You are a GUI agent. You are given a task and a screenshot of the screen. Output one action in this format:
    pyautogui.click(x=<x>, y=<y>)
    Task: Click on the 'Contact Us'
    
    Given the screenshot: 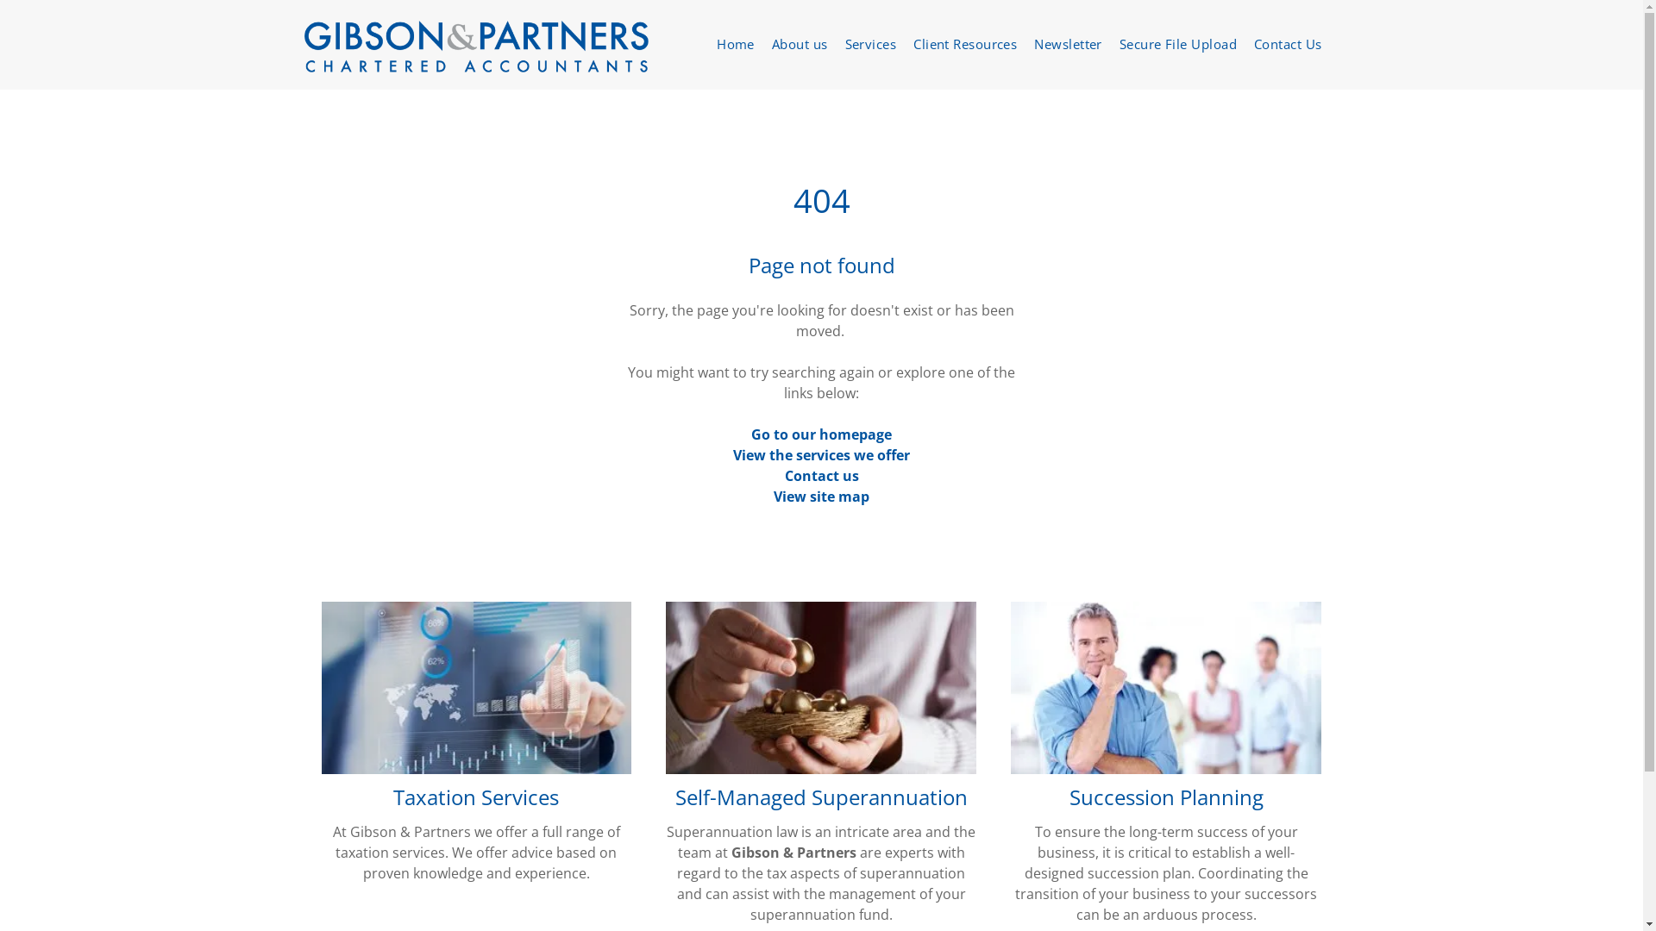 What is the action you would take?
    pyautogui.click(x=1288, y=43)
    